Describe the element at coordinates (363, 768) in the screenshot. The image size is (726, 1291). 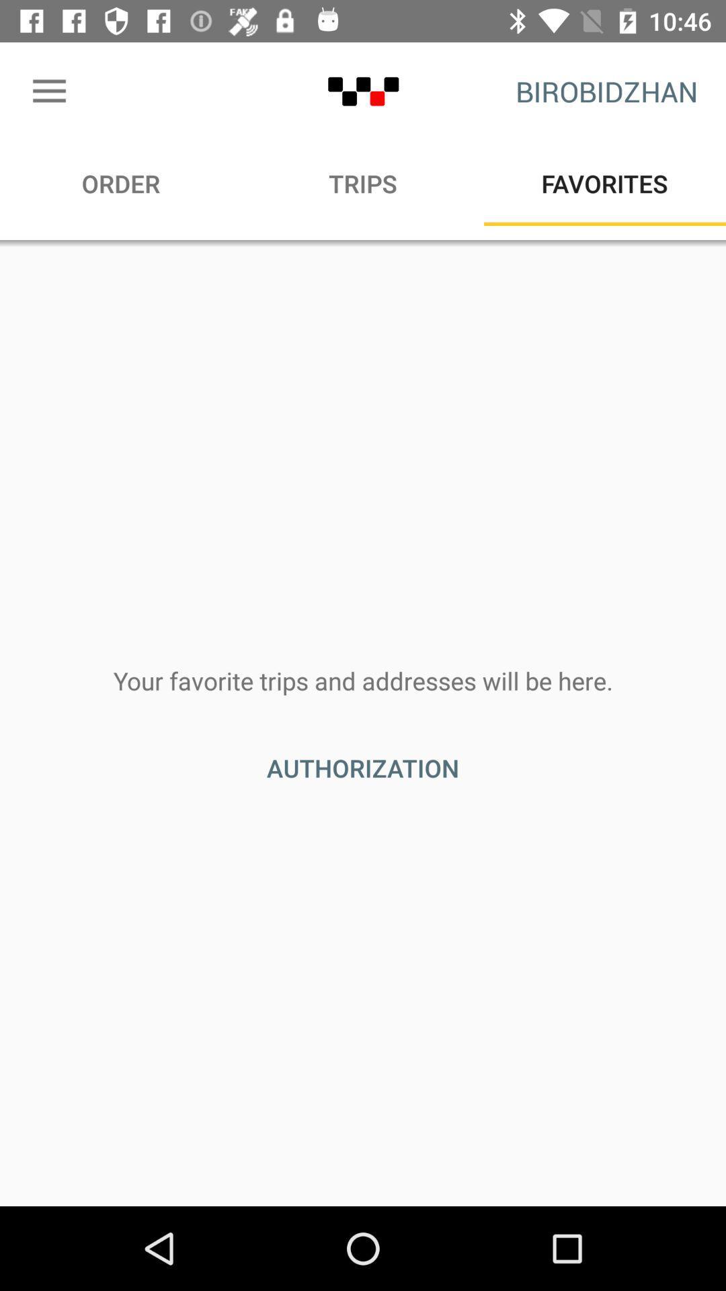
I see `icon below the your favorite trips` at that location.